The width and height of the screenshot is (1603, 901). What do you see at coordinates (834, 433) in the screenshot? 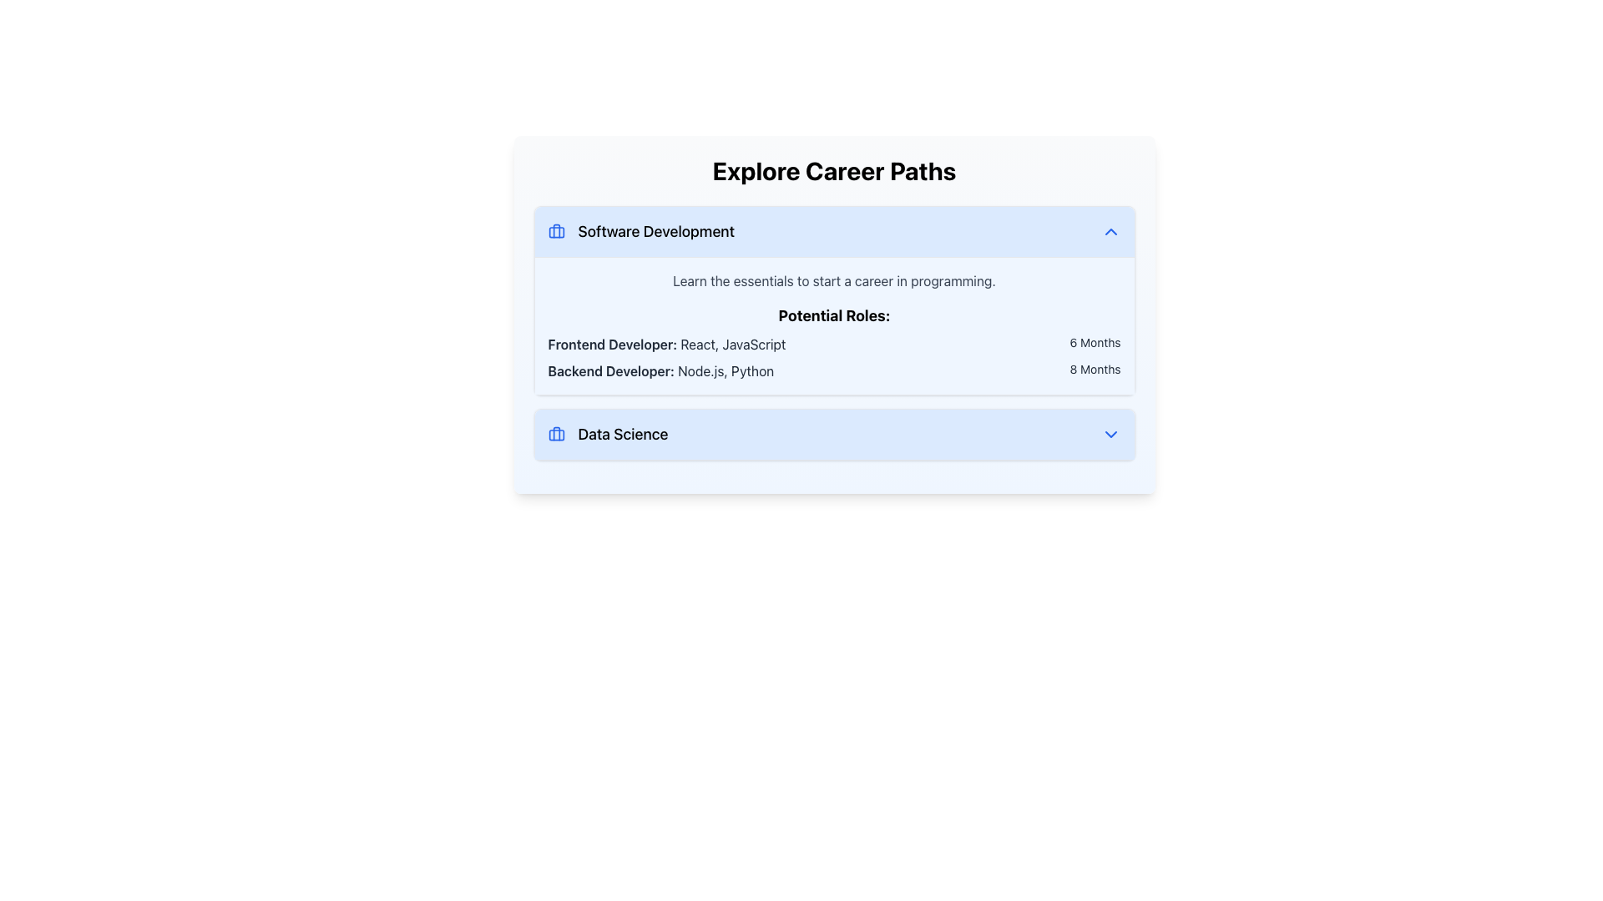
I see `the second selectable card in the 'Explore Career Paths' section that presents information about 'Data Science'` at bounding box center [834, 433].